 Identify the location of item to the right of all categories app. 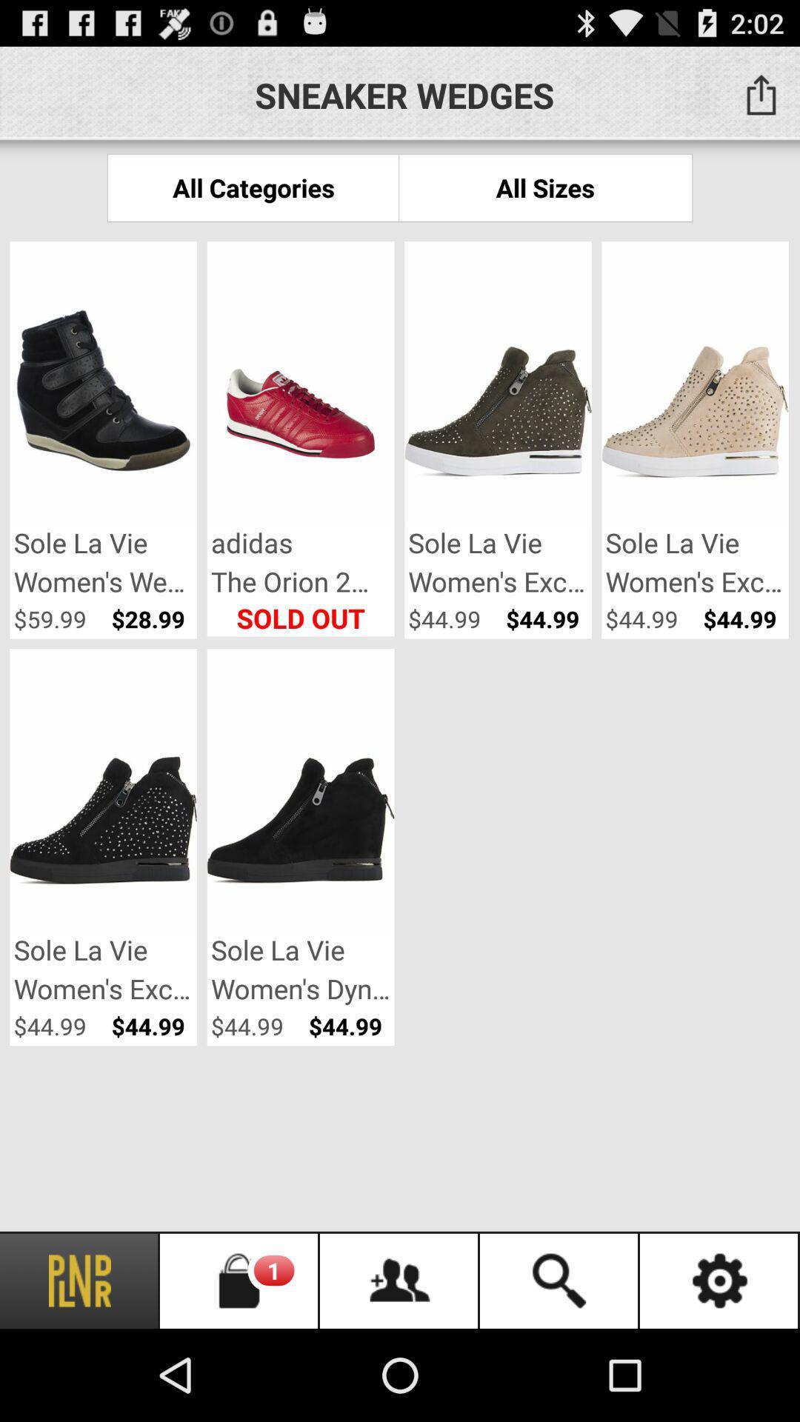
(545, 187).